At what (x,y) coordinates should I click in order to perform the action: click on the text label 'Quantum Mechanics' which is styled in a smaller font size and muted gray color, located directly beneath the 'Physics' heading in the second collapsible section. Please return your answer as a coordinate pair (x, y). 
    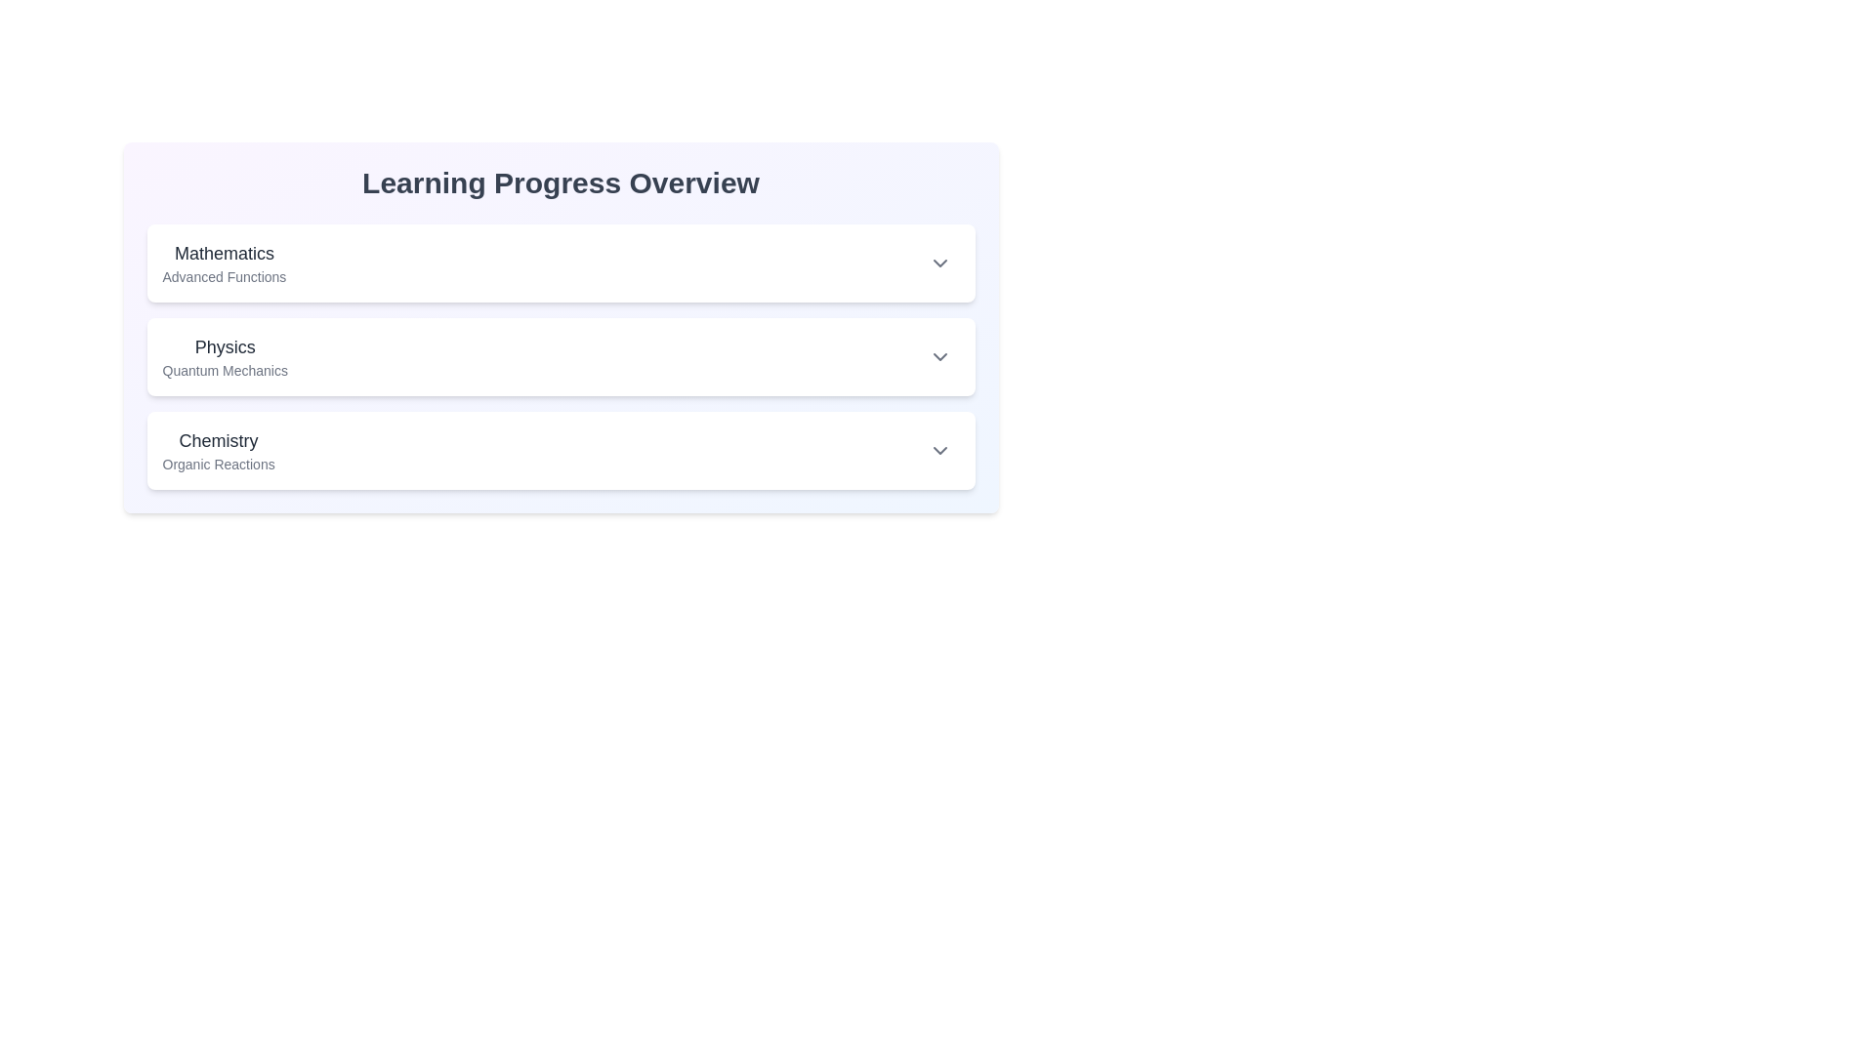
    Looking at the image, I should click on (225, 371).